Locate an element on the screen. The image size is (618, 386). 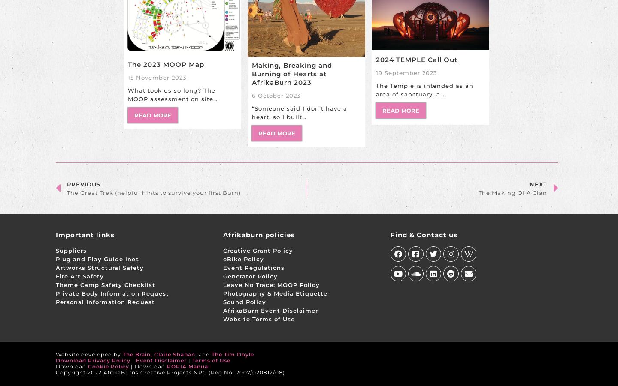
'Terms of Use' is located at coordinates (210, 360).